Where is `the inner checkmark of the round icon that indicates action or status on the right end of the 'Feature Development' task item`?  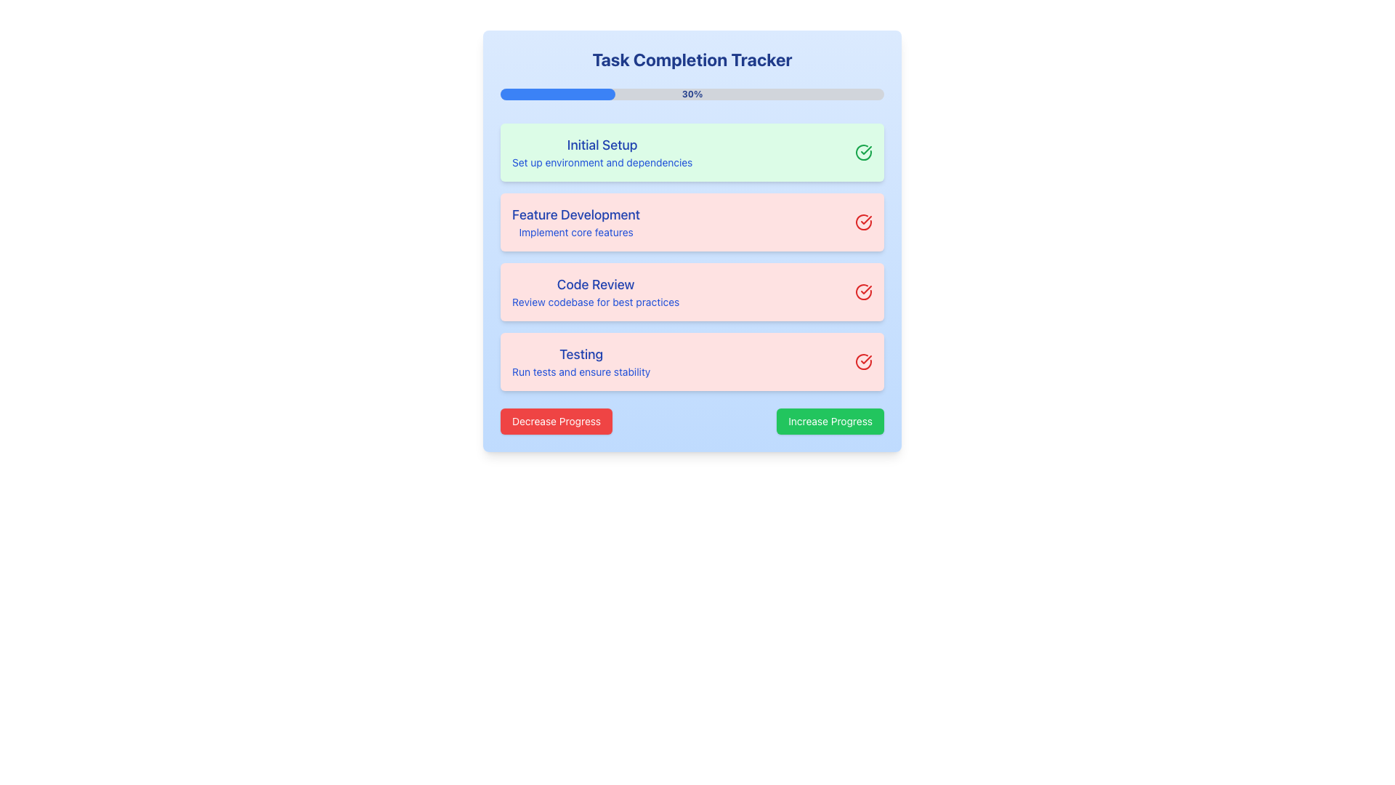 the inner checkmark of the round icon that indicates action or status on the right end of the 'Feature Development' task item is located at coordinates (866, 359).